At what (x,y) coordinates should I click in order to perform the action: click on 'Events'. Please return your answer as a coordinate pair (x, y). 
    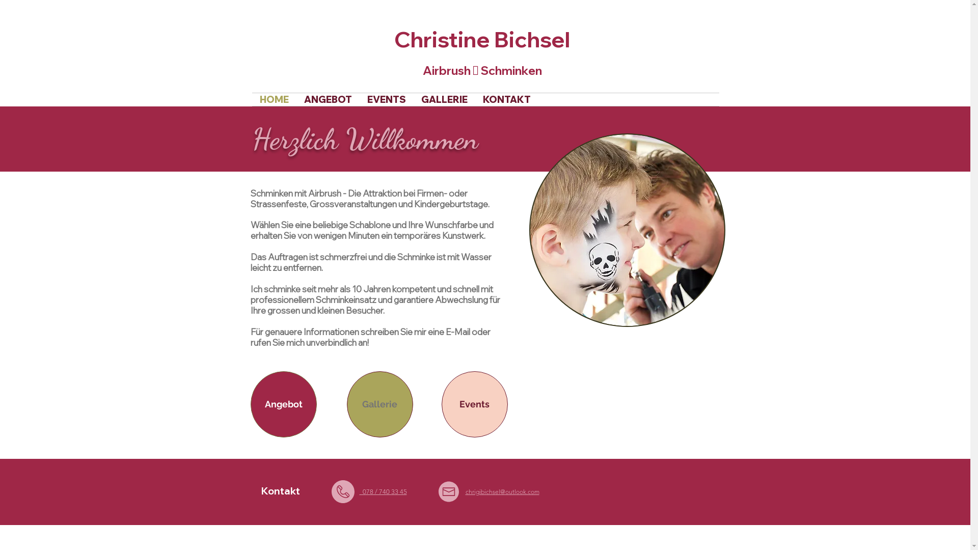
    Looking at the image, I should click on (474, 404).